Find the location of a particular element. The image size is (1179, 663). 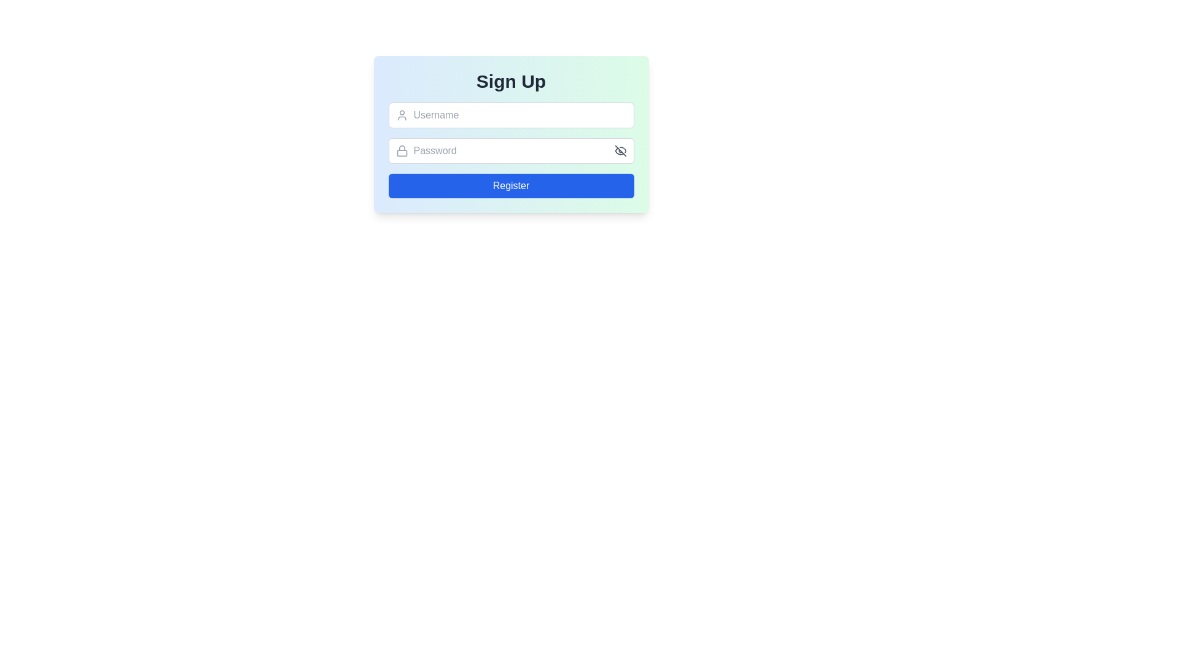

the static header text indicating the signup form, which is centered at the top of the form layout is located at coordinates (511, 81).